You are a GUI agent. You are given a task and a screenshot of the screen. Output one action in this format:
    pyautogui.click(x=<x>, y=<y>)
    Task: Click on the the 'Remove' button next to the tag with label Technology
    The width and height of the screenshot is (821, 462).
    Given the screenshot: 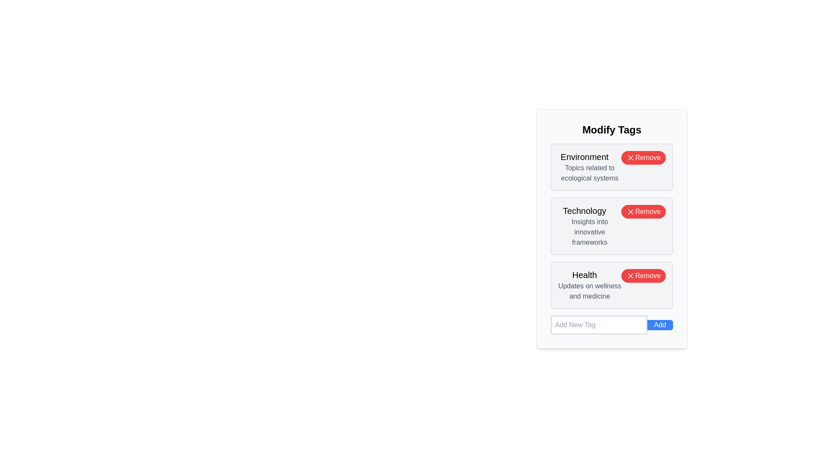 What is the action you would take?
    pyautogui.click(x=644, y=211)
    